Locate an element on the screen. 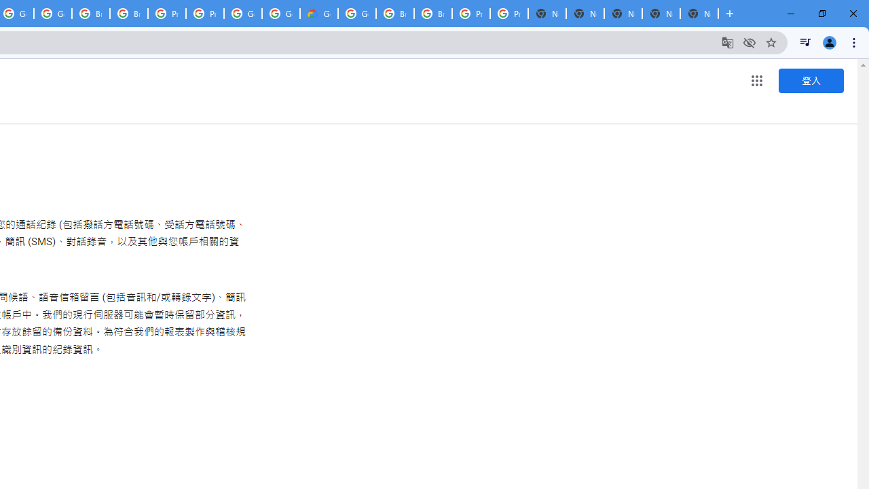 The height and width of the screenshot is (489, 869). 'Google Cloud Platform' is located at coordinates (357, 14).